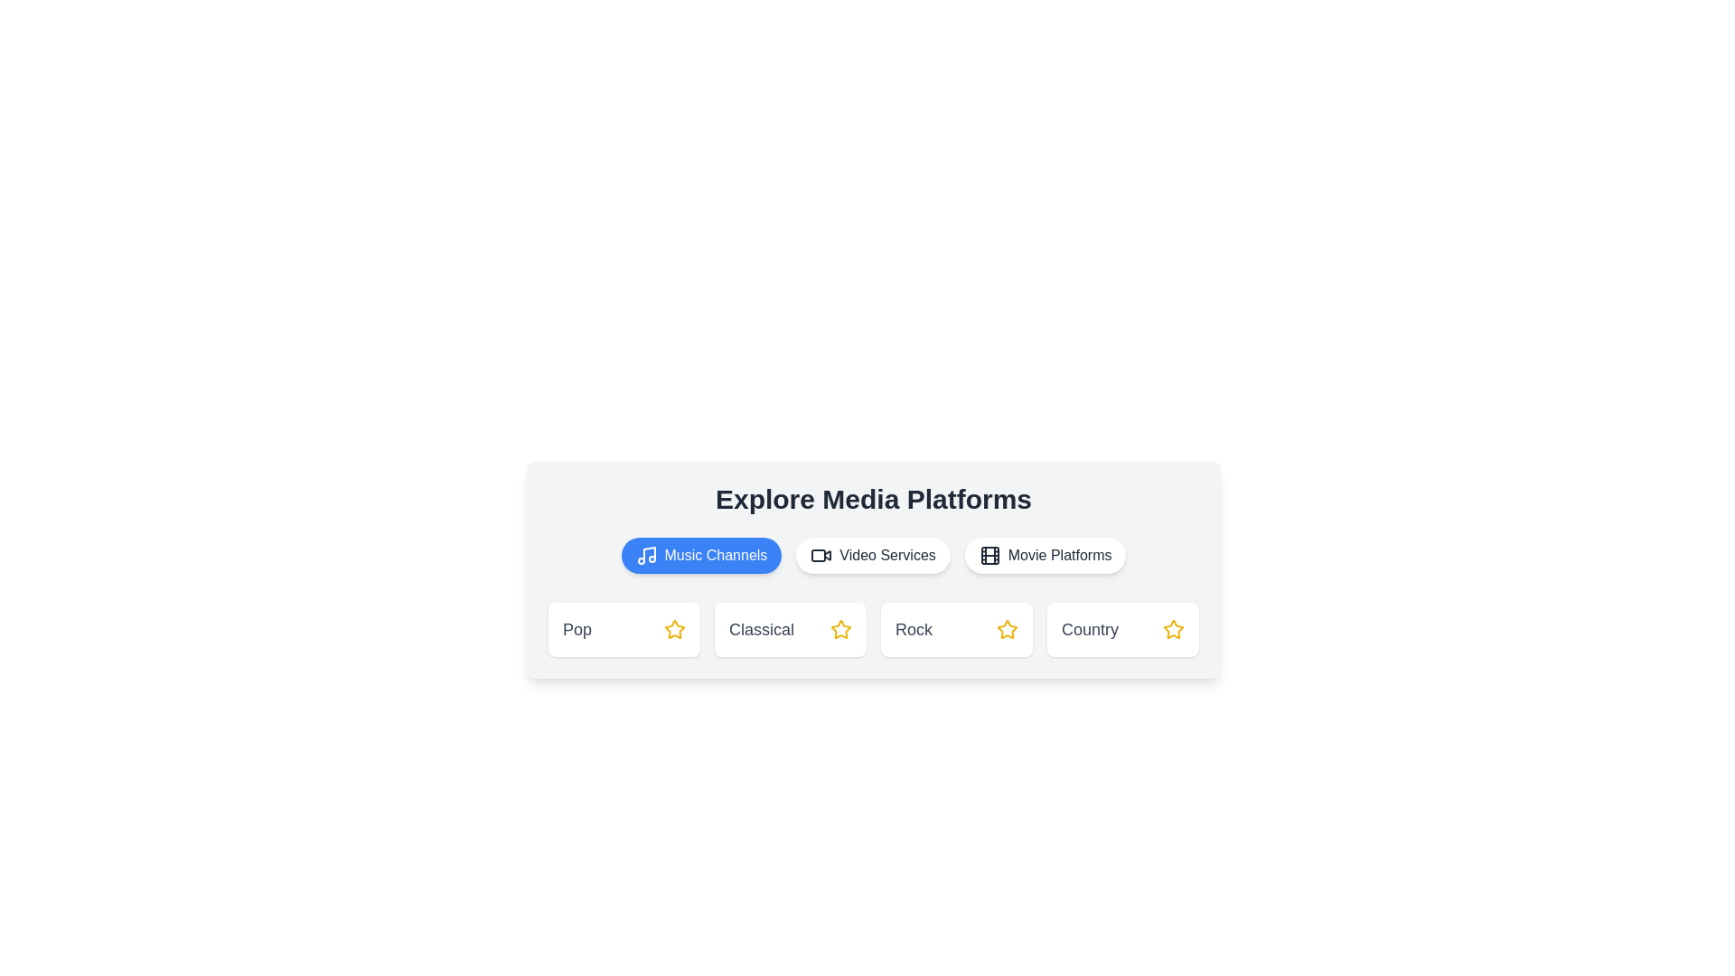 Image resolution: width=1735 pixels, height=976 pixels. I want to click on the 'Music Channels' button that features a rounded blue music note icon on its left side, so click(646, 554).